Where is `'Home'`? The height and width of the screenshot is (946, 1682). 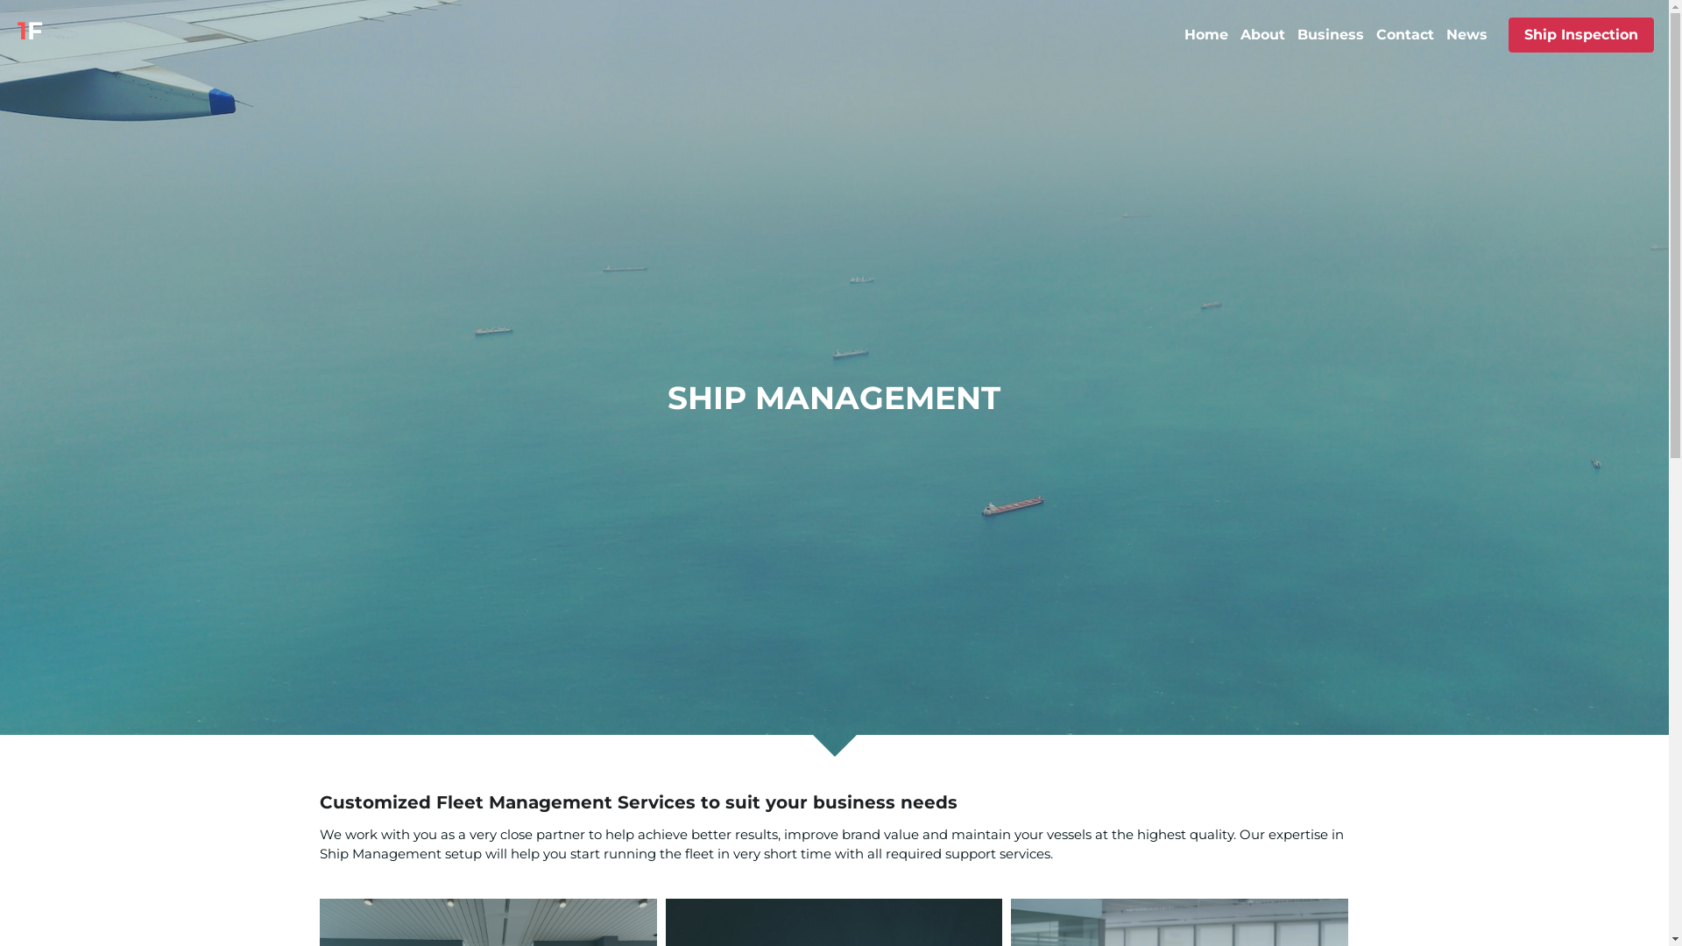
'Home' is located at coordinates (1205, 34).